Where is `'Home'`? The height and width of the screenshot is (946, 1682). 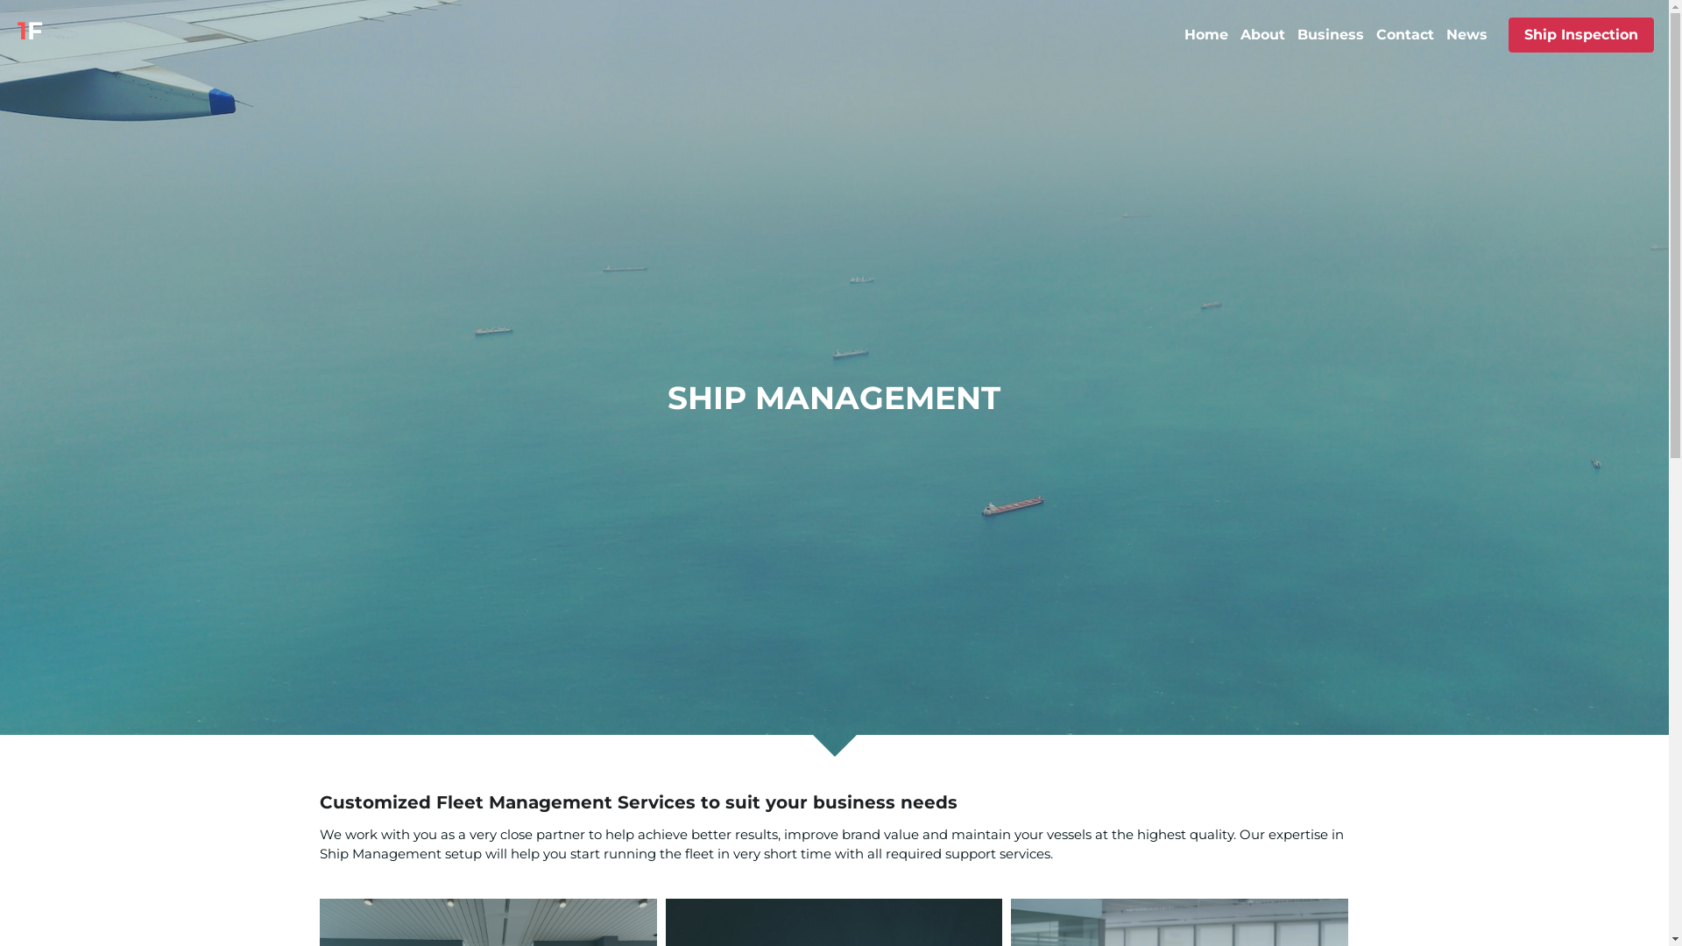
'Home' is located at coordinates (1205, 34).